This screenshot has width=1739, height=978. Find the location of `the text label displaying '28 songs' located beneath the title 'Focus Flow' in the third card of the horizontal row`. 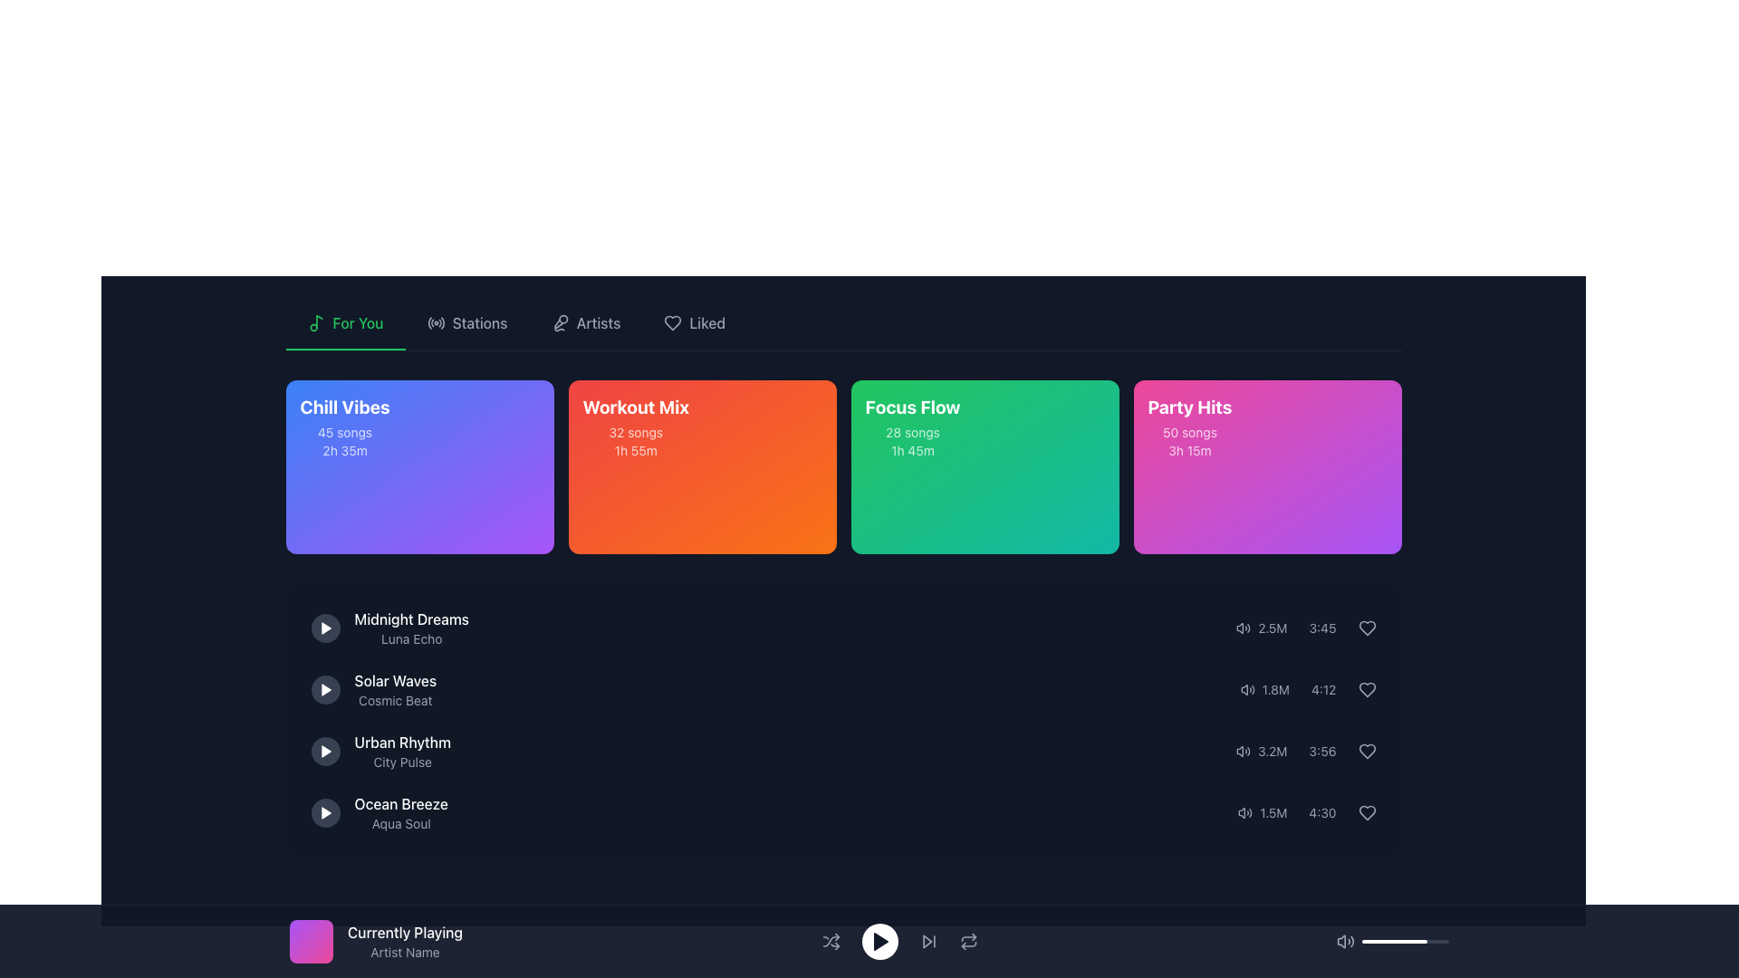

the text label displaying '28 songs' located beneath the title 'Focus Flow' in the third card of the horizontal row is located at coordinates (913, 433).